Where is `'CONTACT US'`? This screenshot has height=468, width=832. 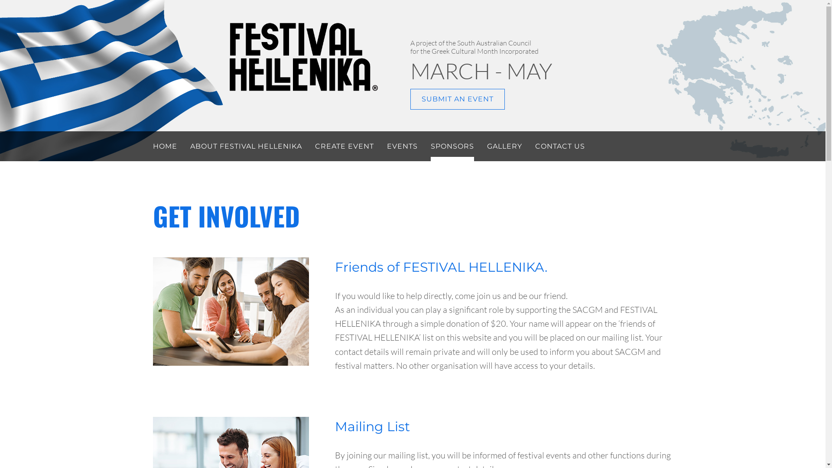
'CONTACT US' is located at coordinates (559, 146).